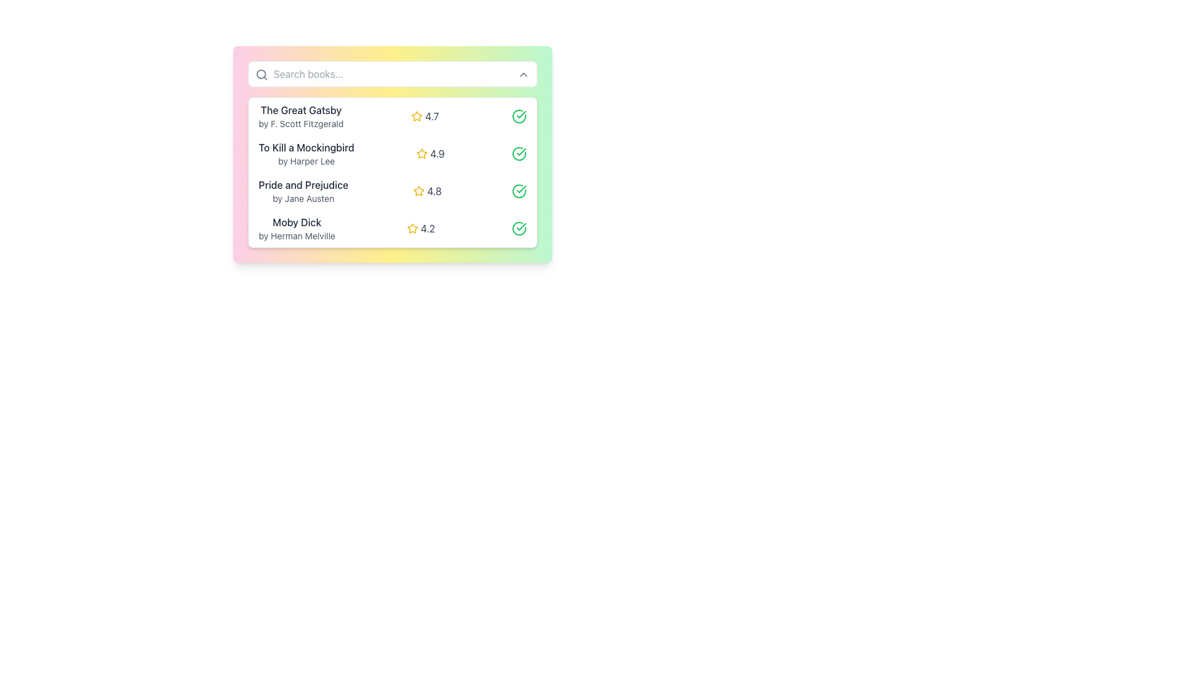 This screenshot has width=1197, height=673. I want to click on the rating indicator displaying the number '4.9' for the book 'To Kill a Mockingbird', which is styled in gray and located to the right of a yellow star icon, so click(437, 153).